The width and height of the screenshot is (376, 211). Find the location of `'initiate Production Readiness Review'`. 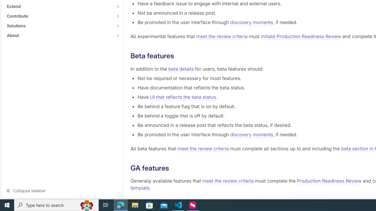

'initiate Production Readiness Review' is located at coordinates (301, 36).